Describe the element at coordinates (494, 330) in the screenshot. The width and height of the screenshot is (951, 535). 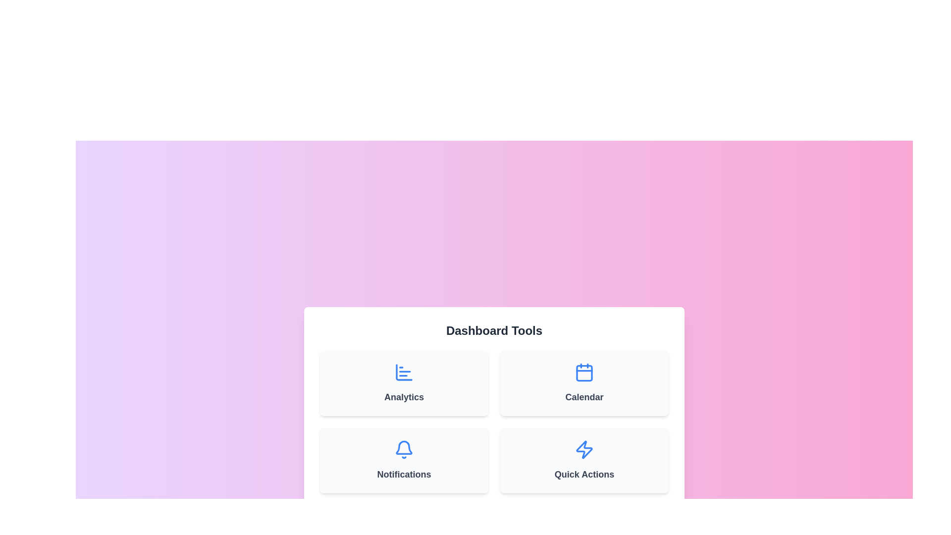
I see `text from the text header displaying 'Dashboard Tools', which is a bold, large font and serves as the main heading of the section` at that location.